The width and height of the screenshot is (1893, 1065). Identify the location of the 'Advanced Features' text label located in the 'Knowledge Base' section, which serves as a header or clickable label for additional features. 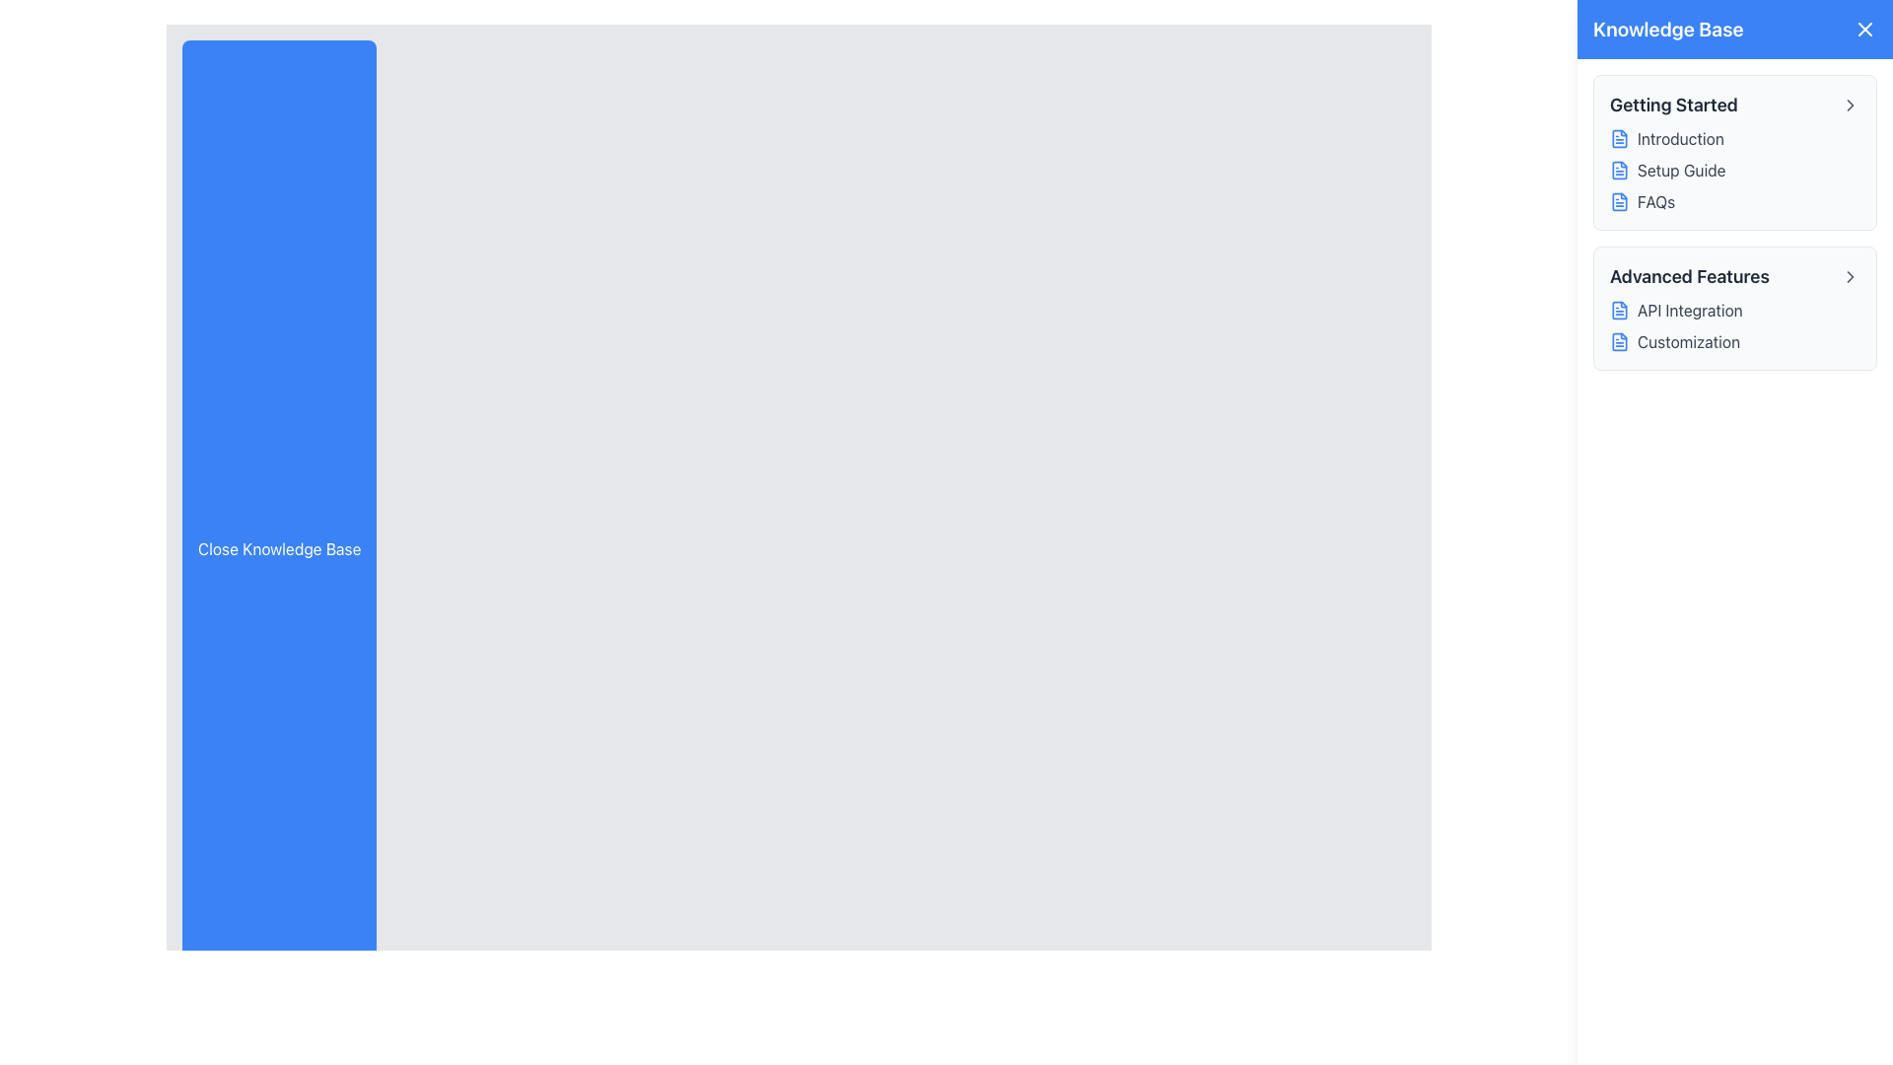
(1688, 277).